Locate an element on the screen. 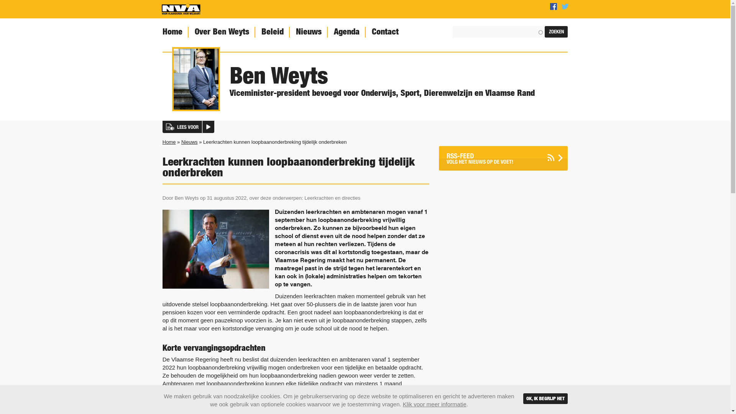 The width and height of the screenshot is (736, 414). 'Percentage' is located at coordinates (16, 5).